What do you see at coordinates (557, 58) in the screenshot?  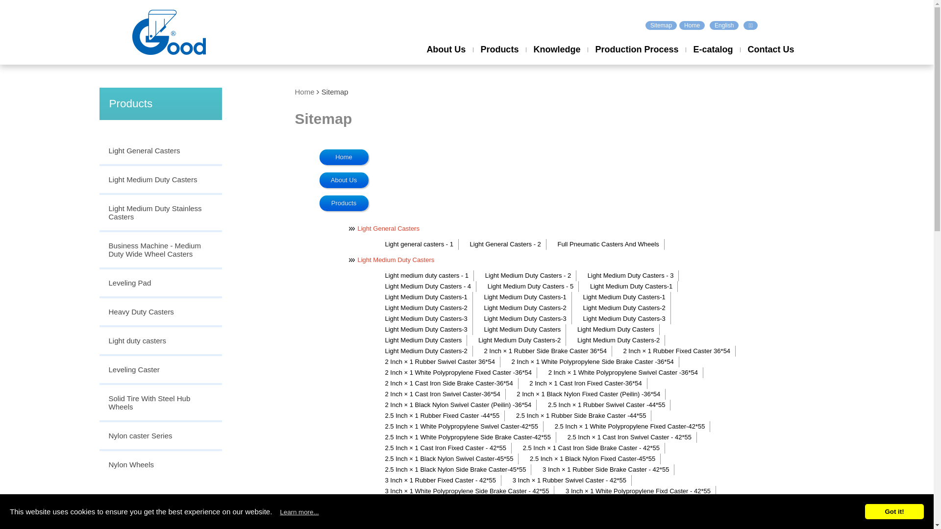 I see `'Knowledge'` at bounding box center [557, 58].